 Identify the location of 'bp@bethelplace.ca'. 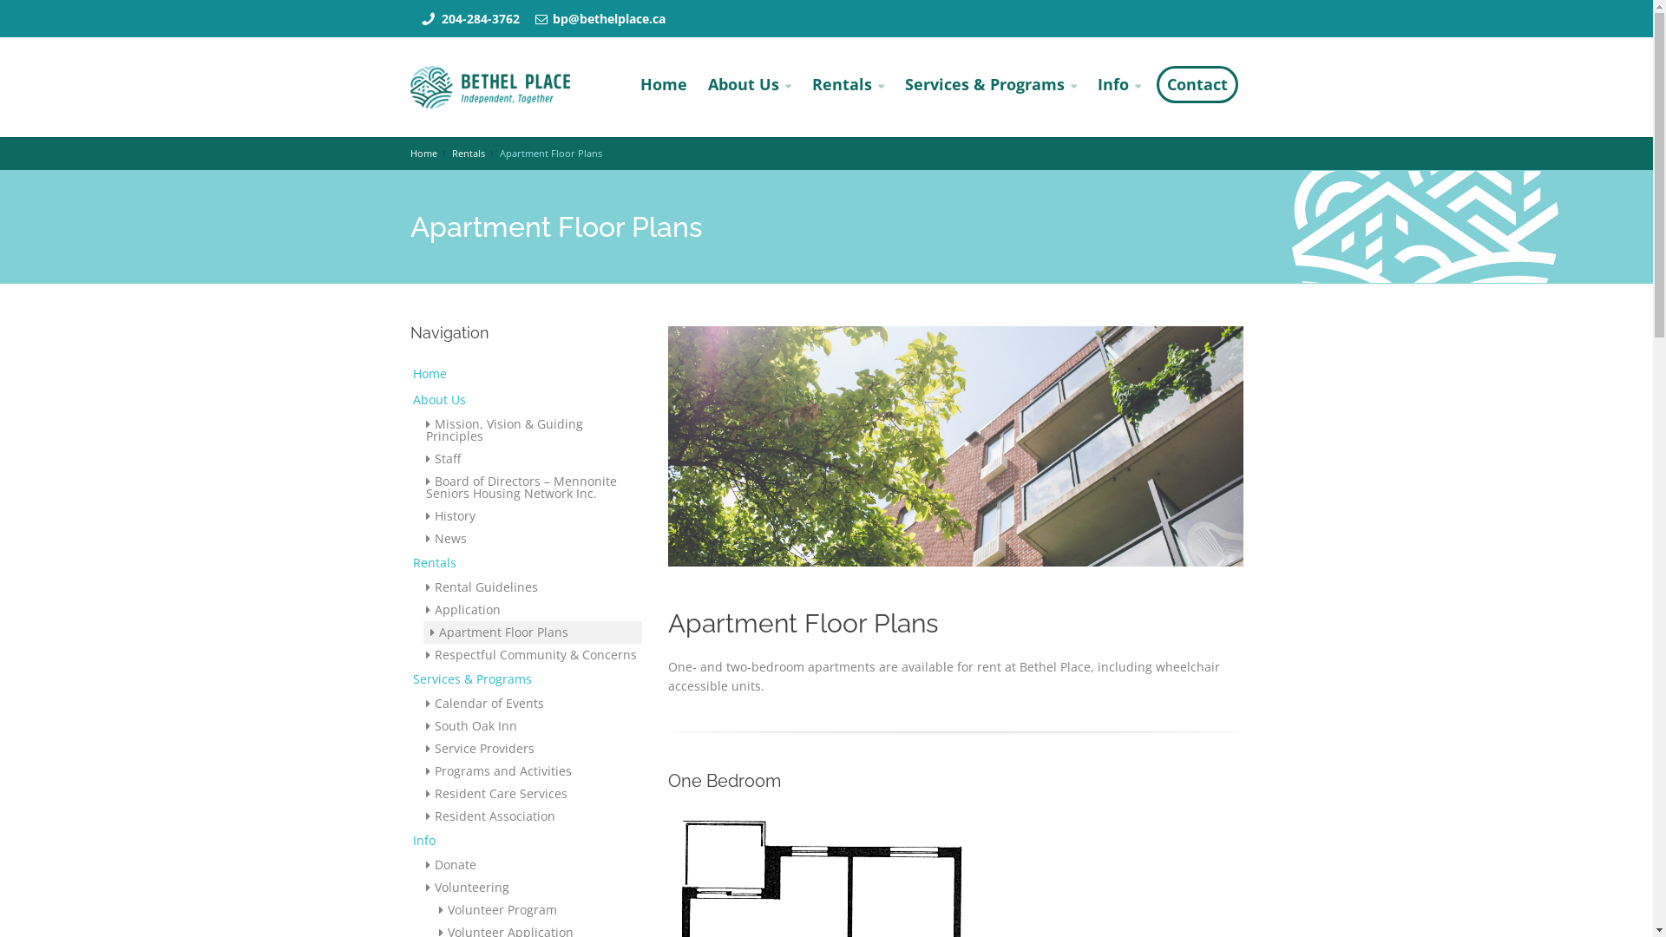
(607, 18).